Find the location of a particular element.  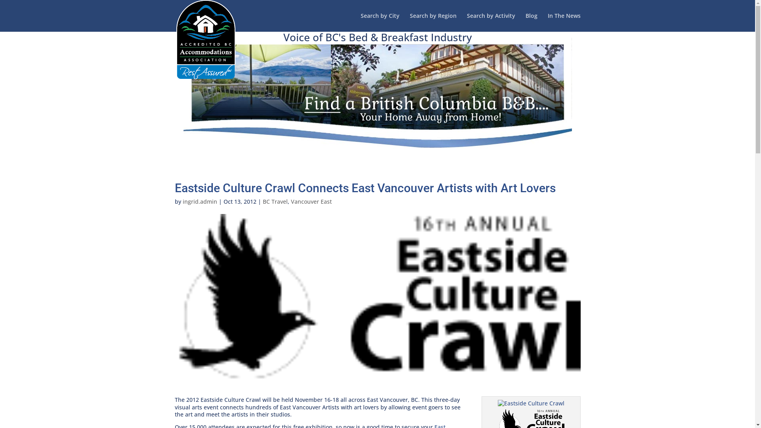

'ingrid.admin' is located at coordinates (182, 201).